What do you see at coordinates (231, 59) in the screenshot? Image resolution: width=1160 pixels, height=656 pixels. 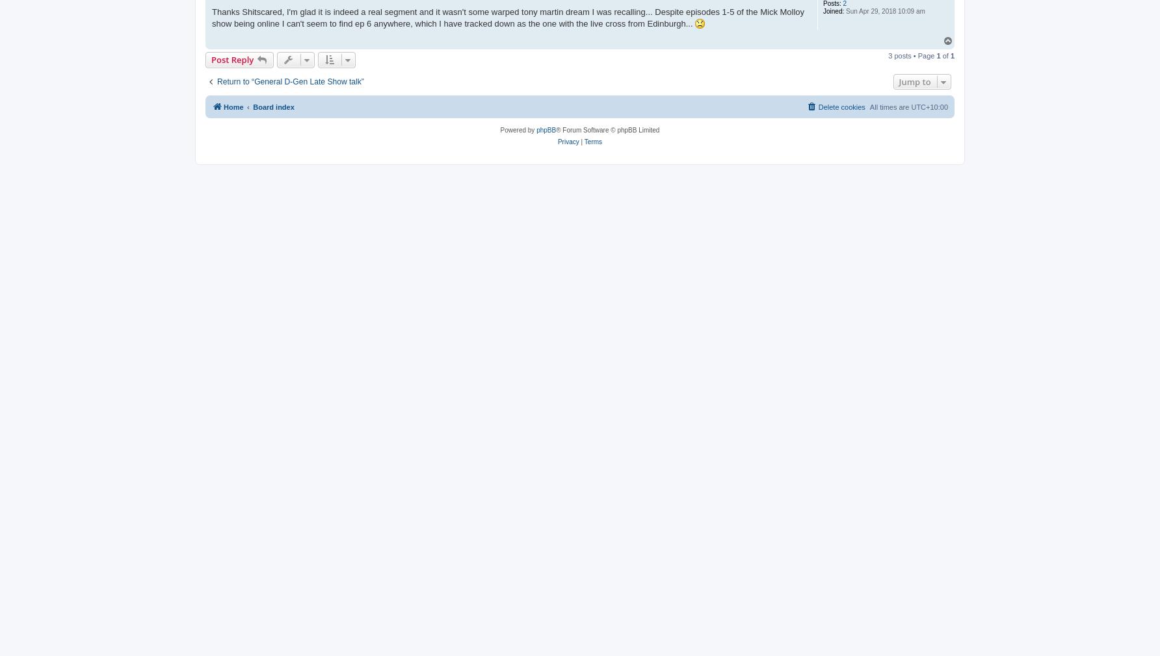 I see `'Post Reply'` at bounding box center [231, 59].